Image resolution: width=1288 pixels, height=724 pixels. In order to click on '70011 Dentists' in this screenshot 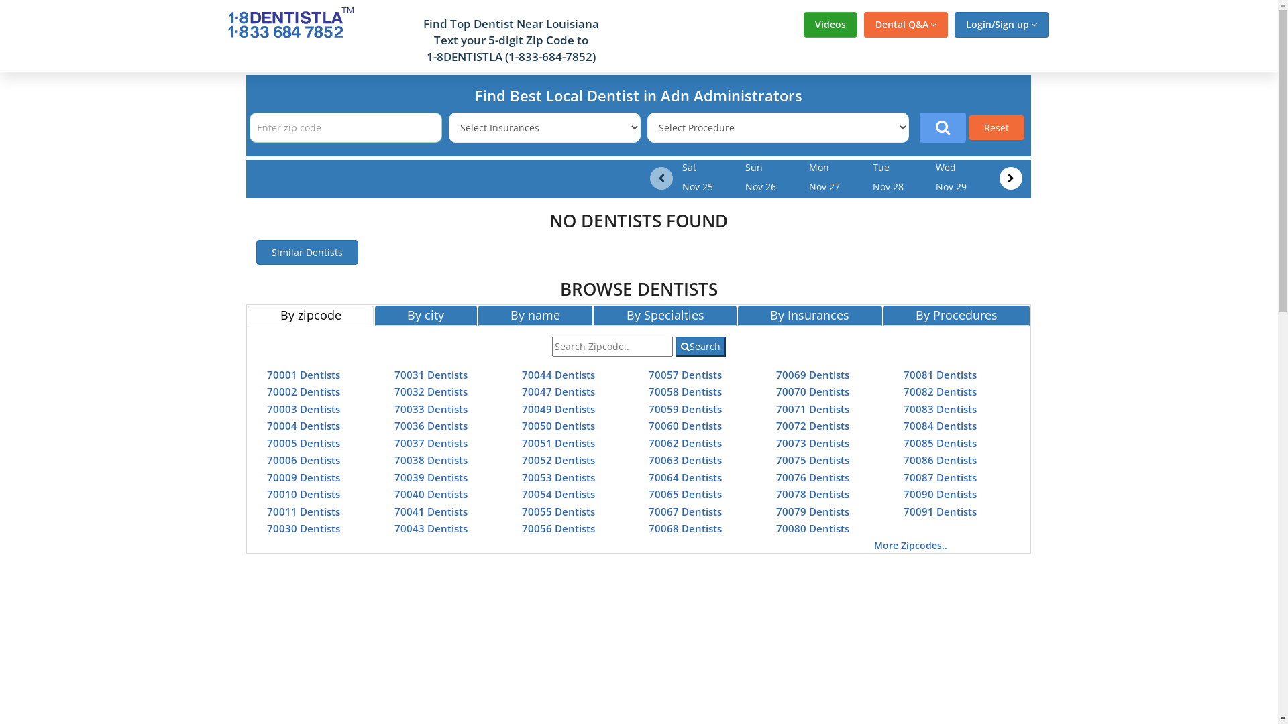, I will do `click(303, 511)`.